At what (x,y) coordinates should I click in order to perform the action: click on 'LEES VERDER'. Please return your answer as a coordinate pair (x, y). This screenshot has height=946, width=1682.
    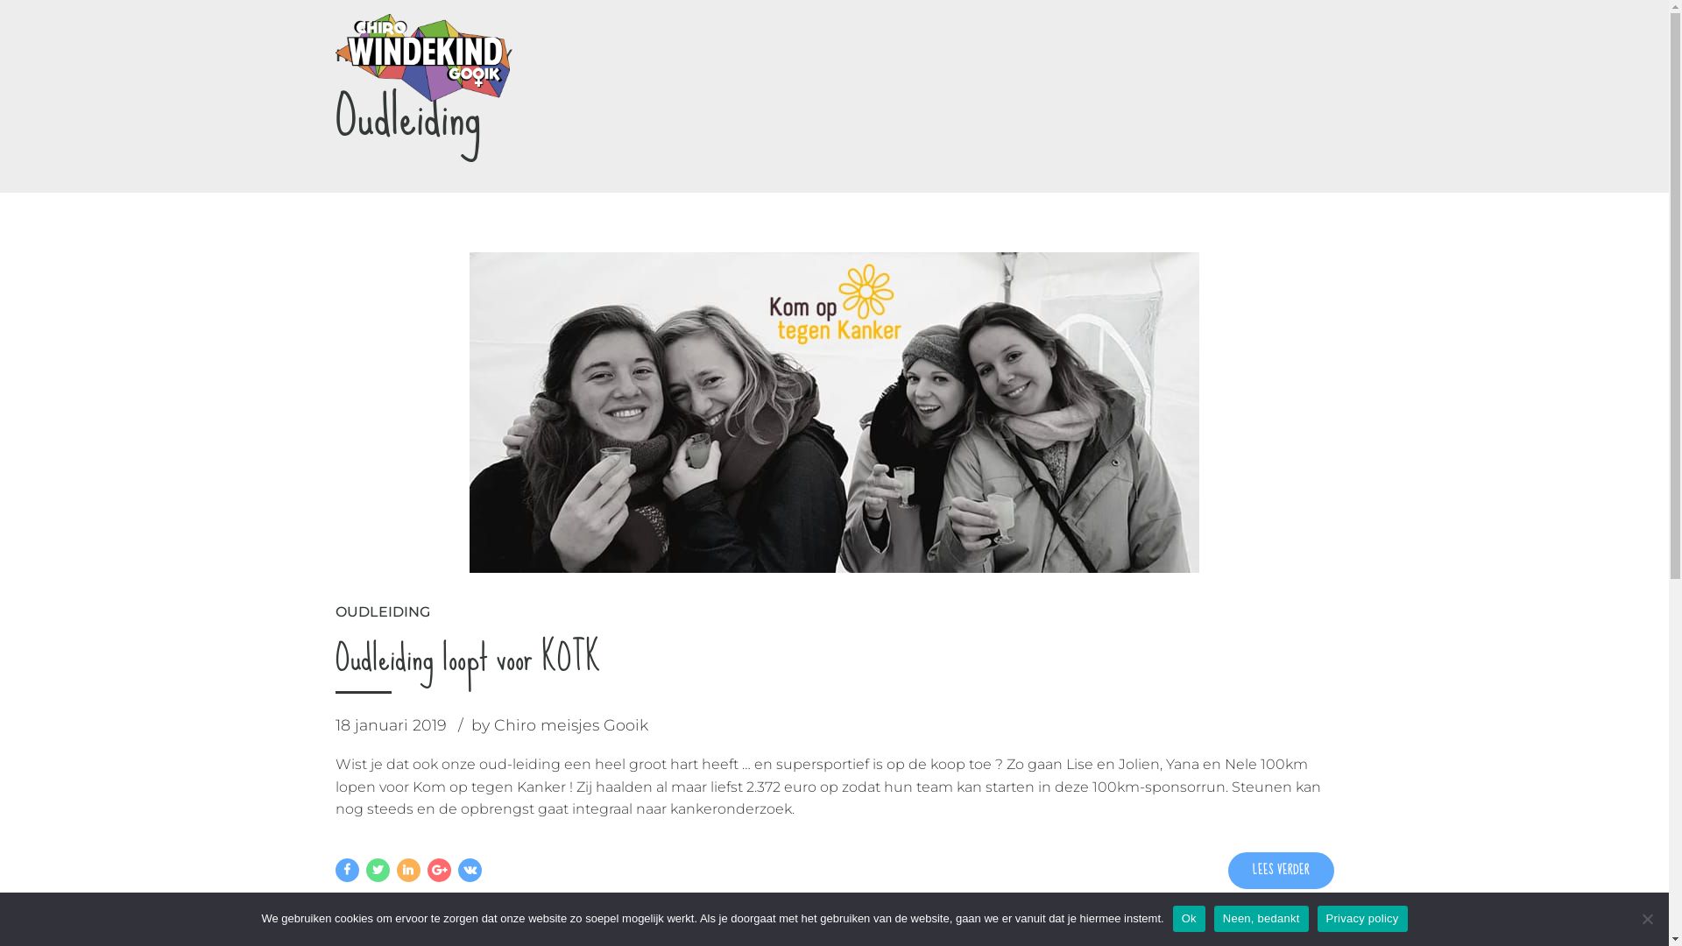
    Looking at the image, I should click on (1281, 871).